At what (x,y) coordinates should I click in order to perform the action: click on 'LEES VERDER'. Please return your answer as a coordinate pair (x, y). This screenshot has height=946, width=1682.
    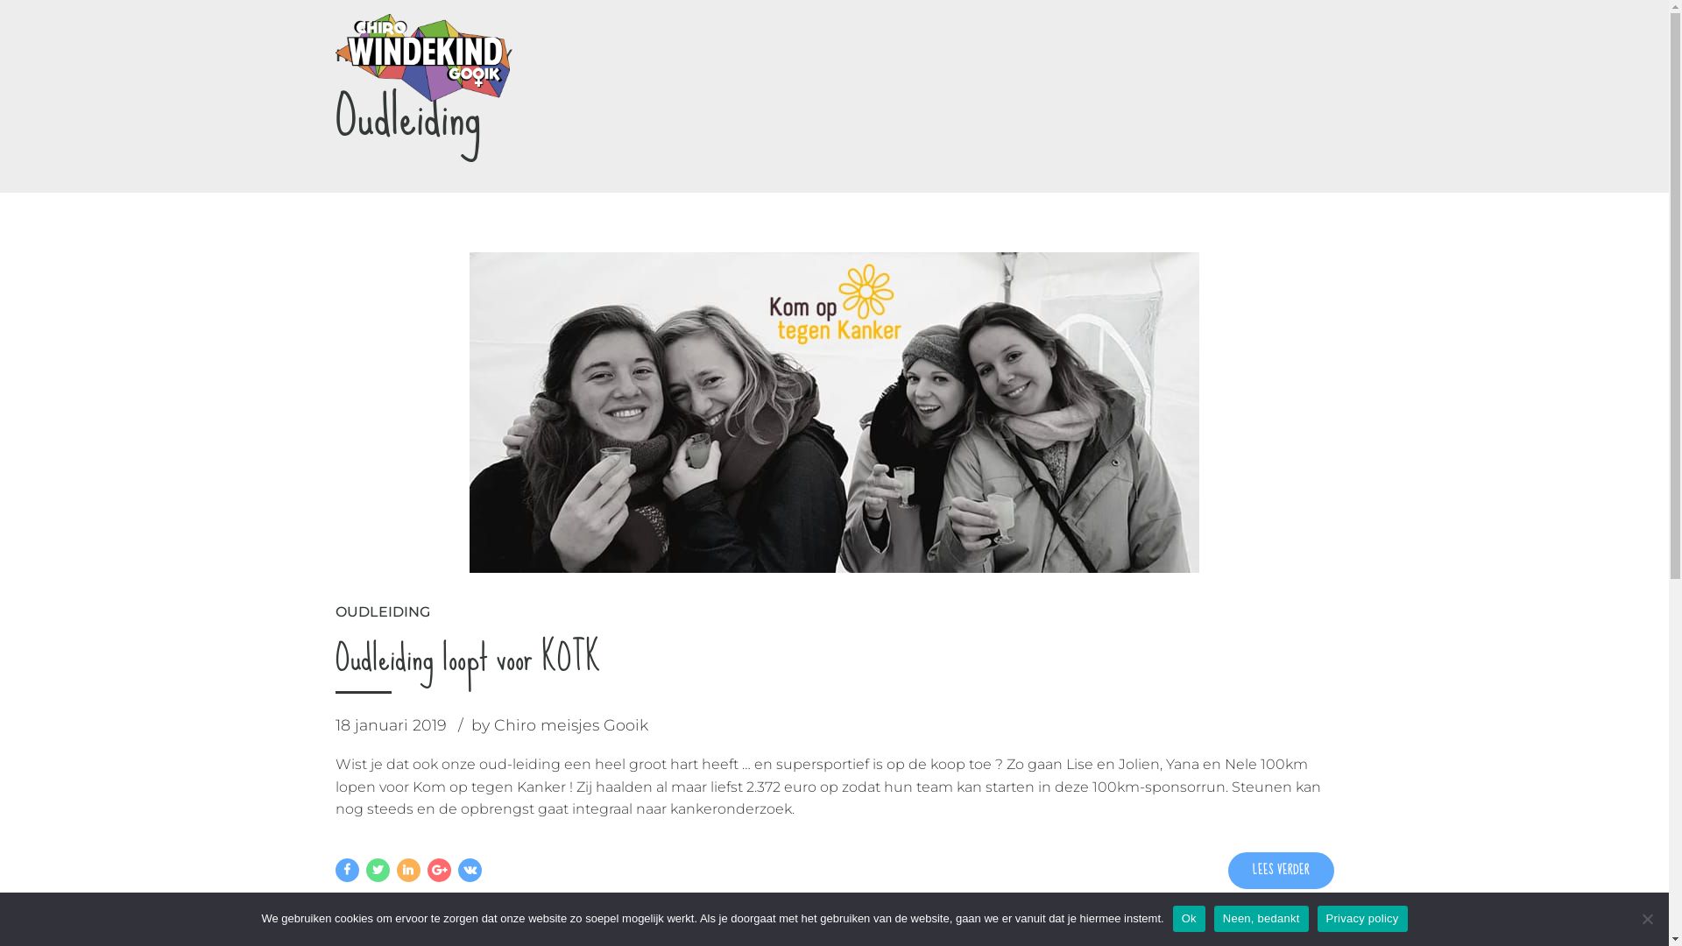
    Looking at the image, I should click on (1281, 871).